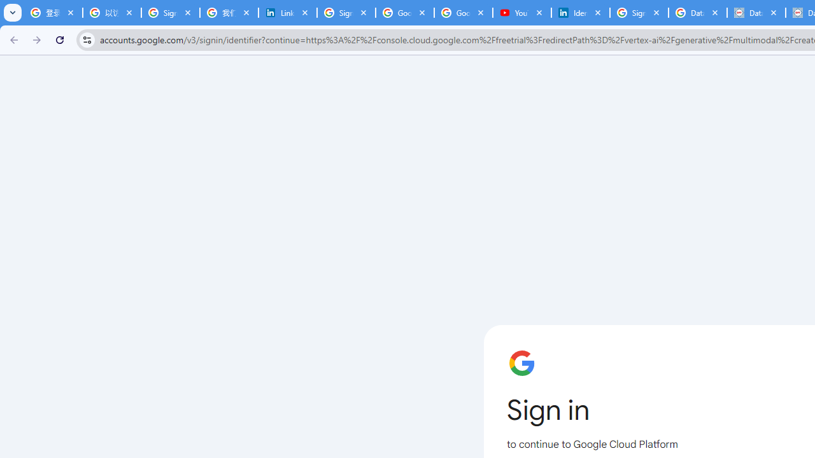 This screenshot has height=458, width=815. I want to click on 'Sign in - Google Accounts', so click(346, 13).